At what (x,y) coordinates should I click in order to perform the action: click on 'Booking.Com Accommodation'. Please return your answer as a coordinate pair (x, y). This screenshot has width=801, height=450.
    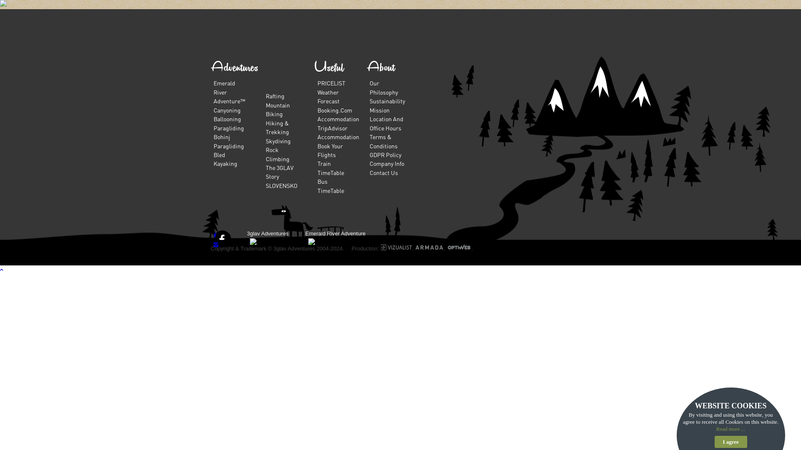
    Looking at the image, I should click on (338, 114).